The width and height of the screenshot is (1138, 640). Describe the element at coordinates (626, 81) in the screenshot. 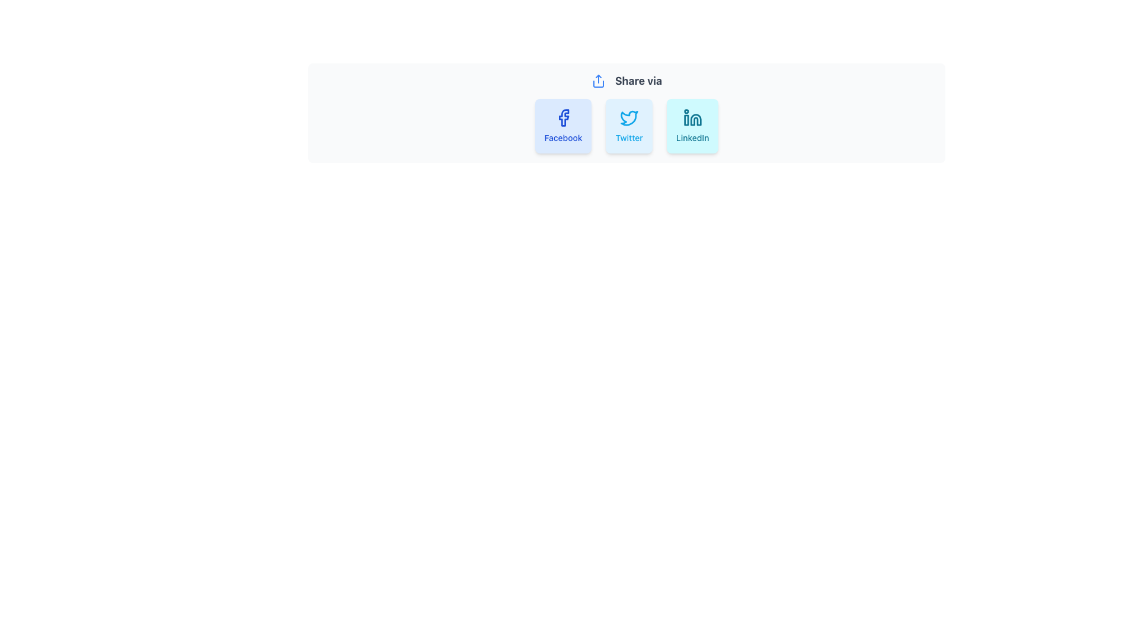

I see `contents of the Text Label with Icon that serves as the title for the sharing section, located at the top of the section above the sharing buttons` at that location.